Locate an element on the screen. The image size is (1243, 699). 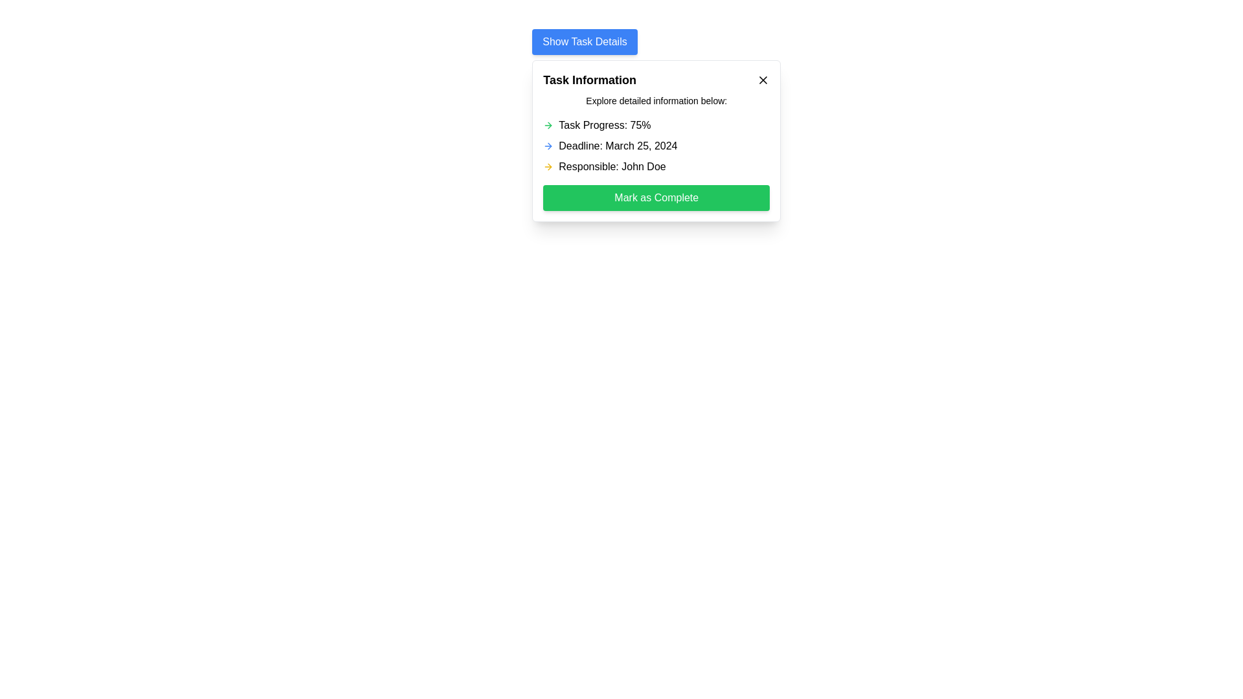
the text header displaying 'Task Information', which is styled in bold and larger font located at the top left of the modal dialog box is located at coordinates (589, 80).